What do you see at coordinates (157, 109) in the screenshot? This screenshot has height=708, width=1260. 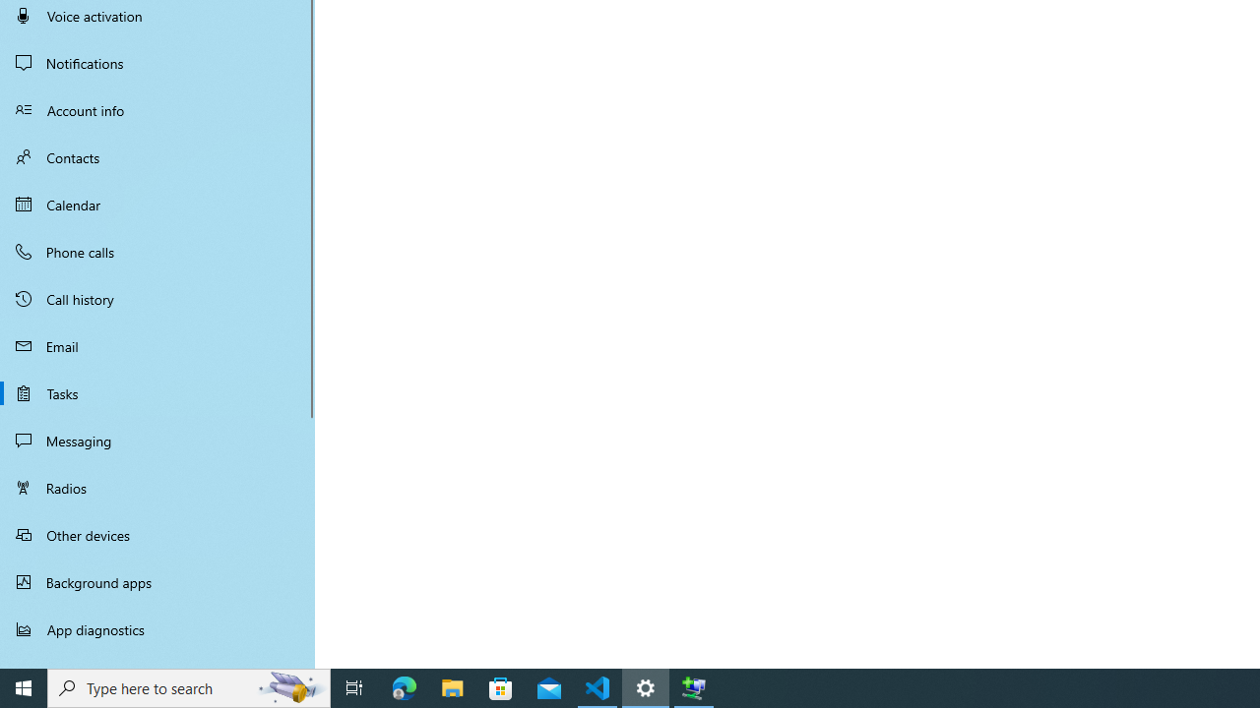 I see `'Account info'` at bounding box center [157, 109].